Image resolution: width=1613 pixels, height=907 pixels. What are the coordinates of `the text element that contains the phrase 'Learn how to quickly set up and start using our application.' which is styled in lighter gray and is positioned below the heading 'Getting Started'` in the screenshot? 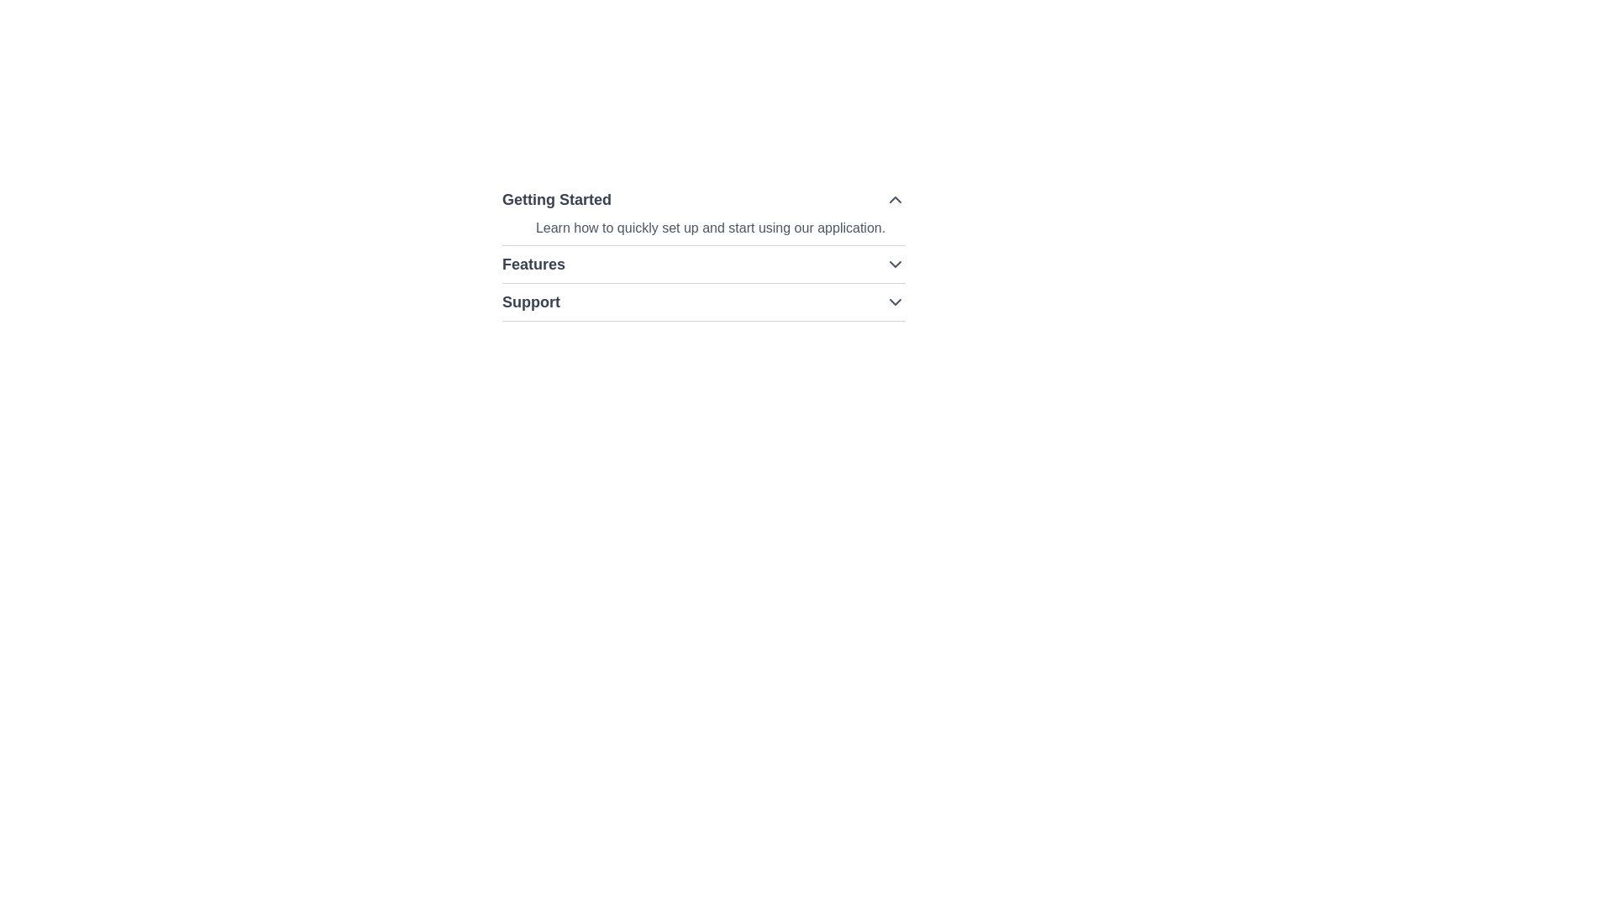 It's located at (704, 228).